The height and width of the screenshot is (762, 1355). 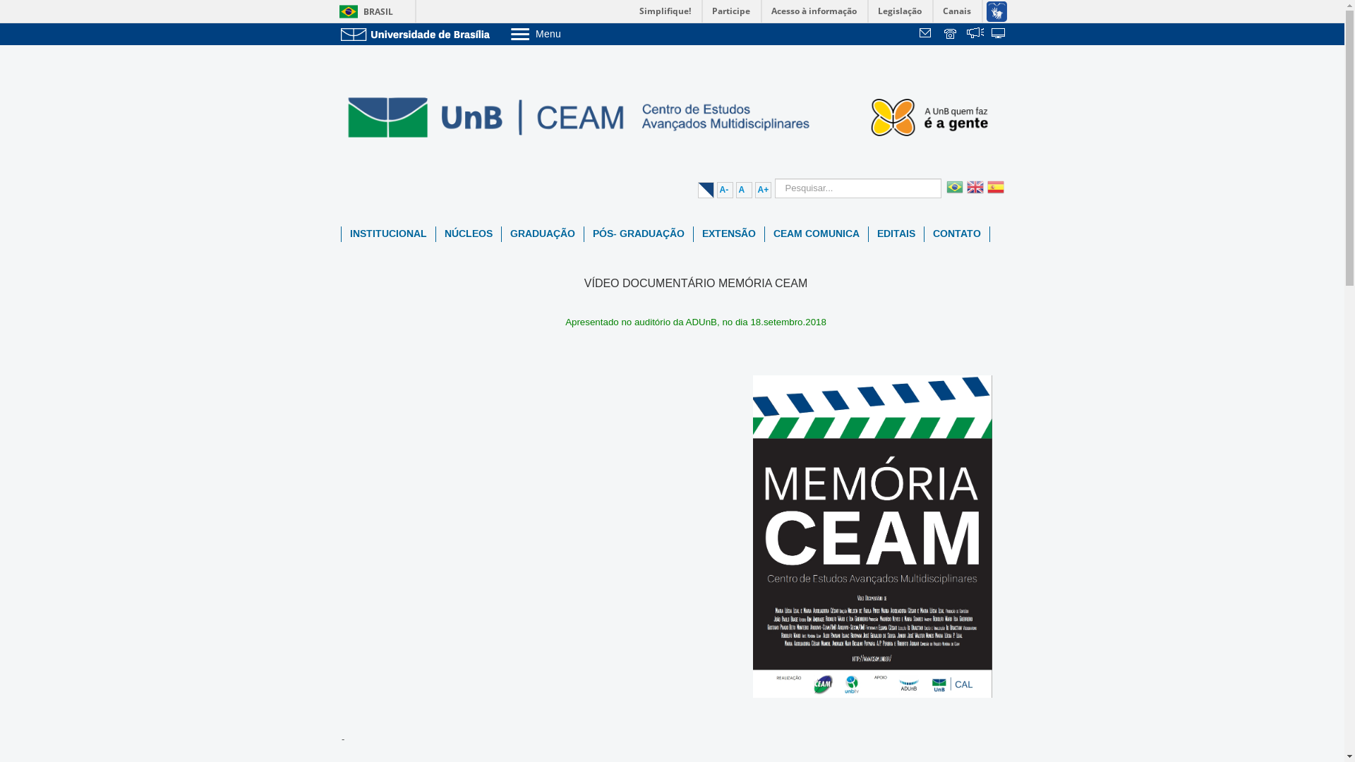 What do you see at coordinates (953, 195) in the screenshot?
I see `'Portuguese'` at bounding box center [953, 195].